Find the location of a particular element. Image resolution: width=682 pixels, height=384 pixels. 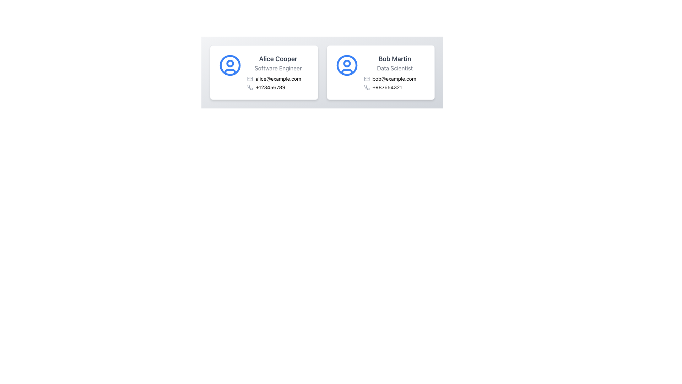

the circular blue user profile icon located to the left of the user information text block containing 'Alice Cooper' is located at coordinates (230, 65).